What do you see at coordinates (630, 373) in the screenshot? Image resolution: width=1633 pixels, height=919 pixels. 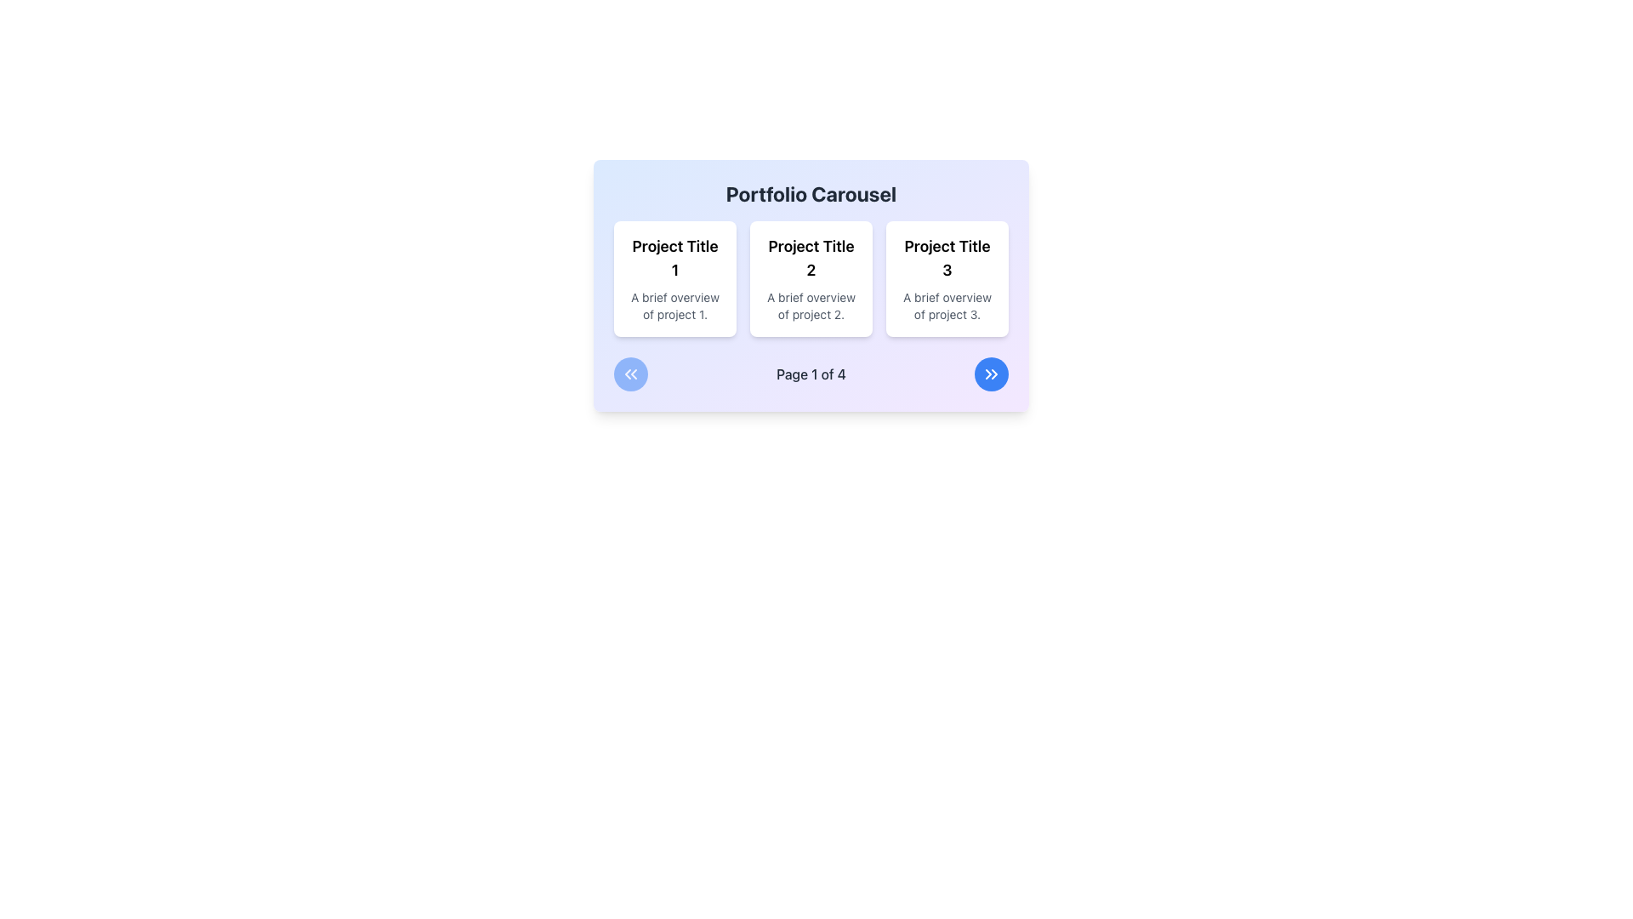 I see `the circular blue button with white double left chevrons (<<)` at bounding box center [630, 373].